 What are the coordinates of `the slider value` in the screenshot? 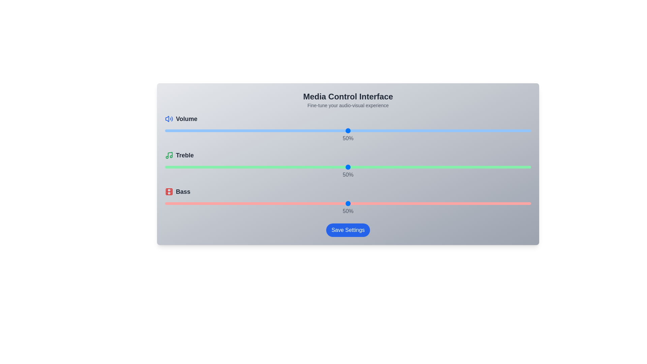 It's located at (289, 167).